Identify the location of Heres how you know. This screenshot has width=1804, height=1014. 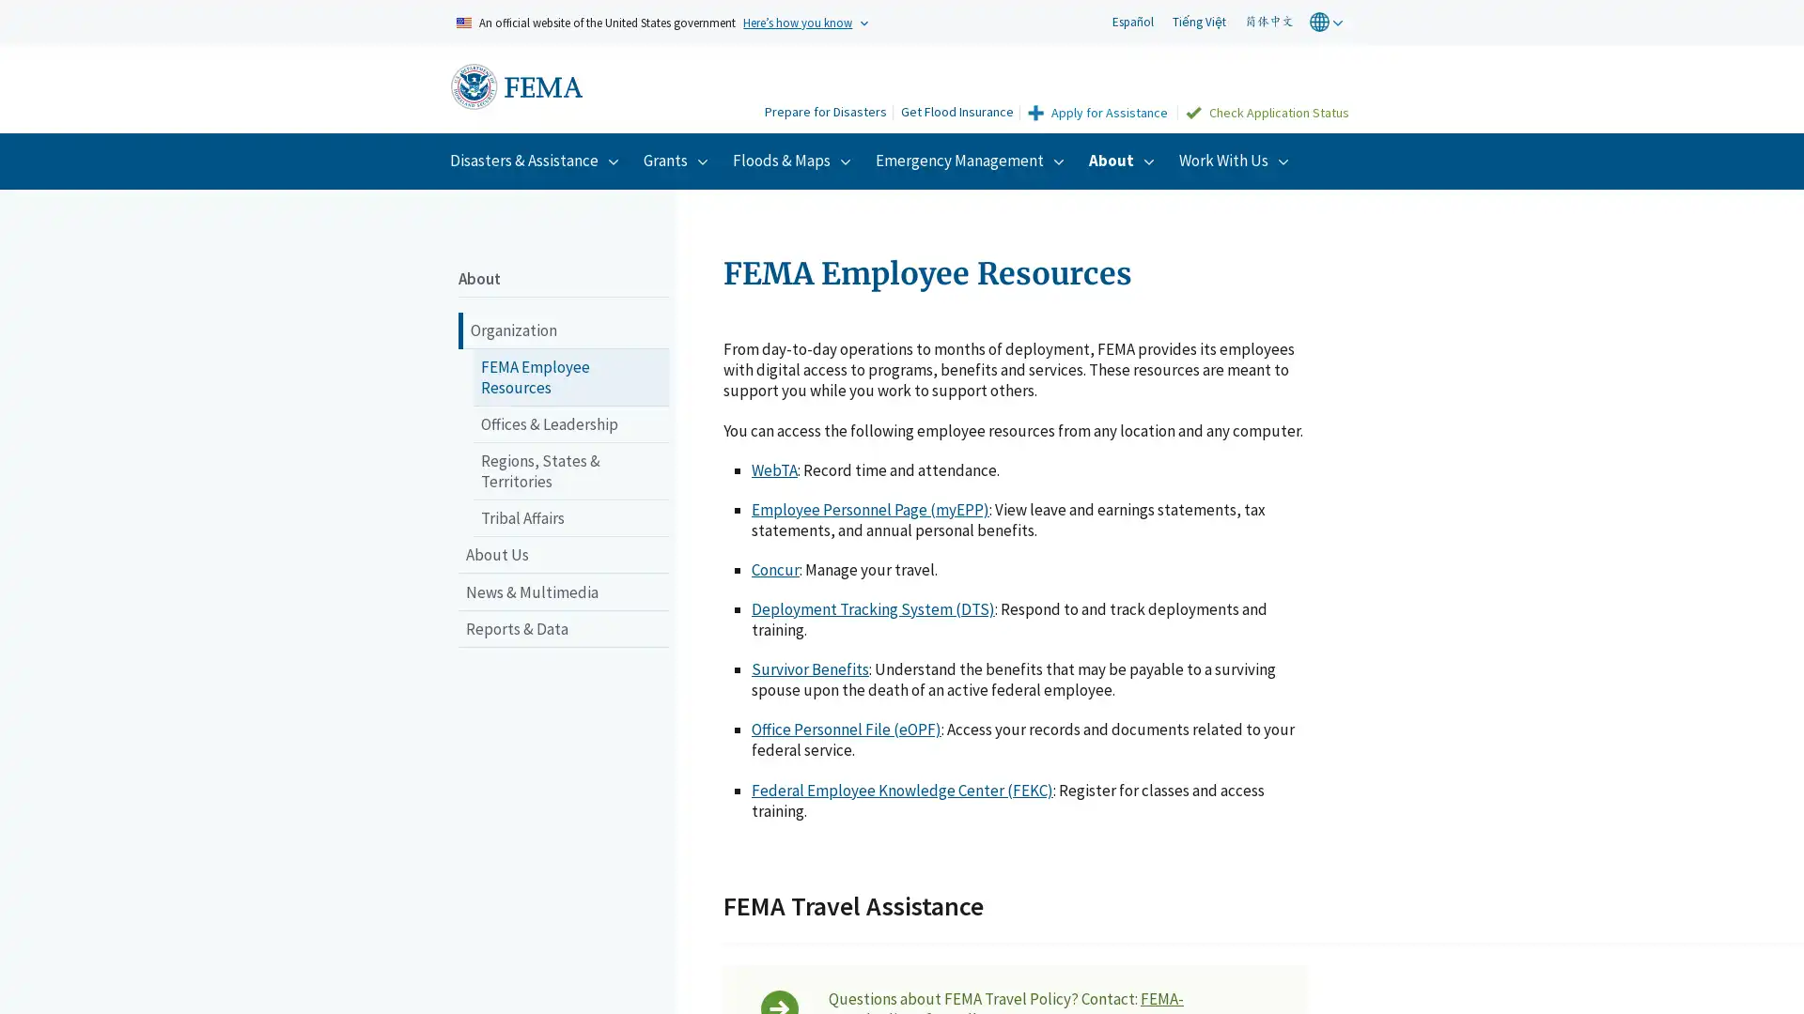
(798, 22).